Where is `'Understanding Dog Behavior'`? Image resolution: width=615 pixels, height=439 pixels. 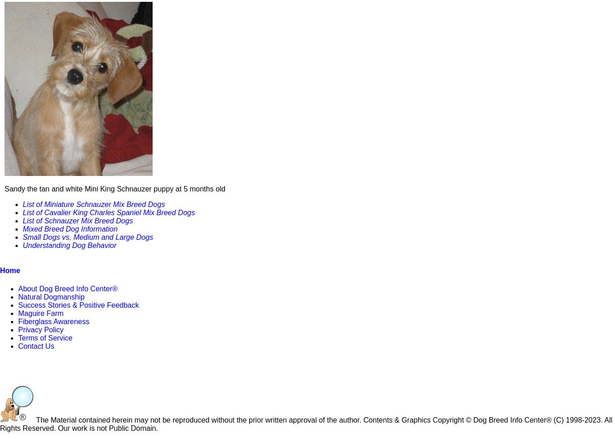 'Understanding Dog Behavior' is located at coordinates (69, 245).